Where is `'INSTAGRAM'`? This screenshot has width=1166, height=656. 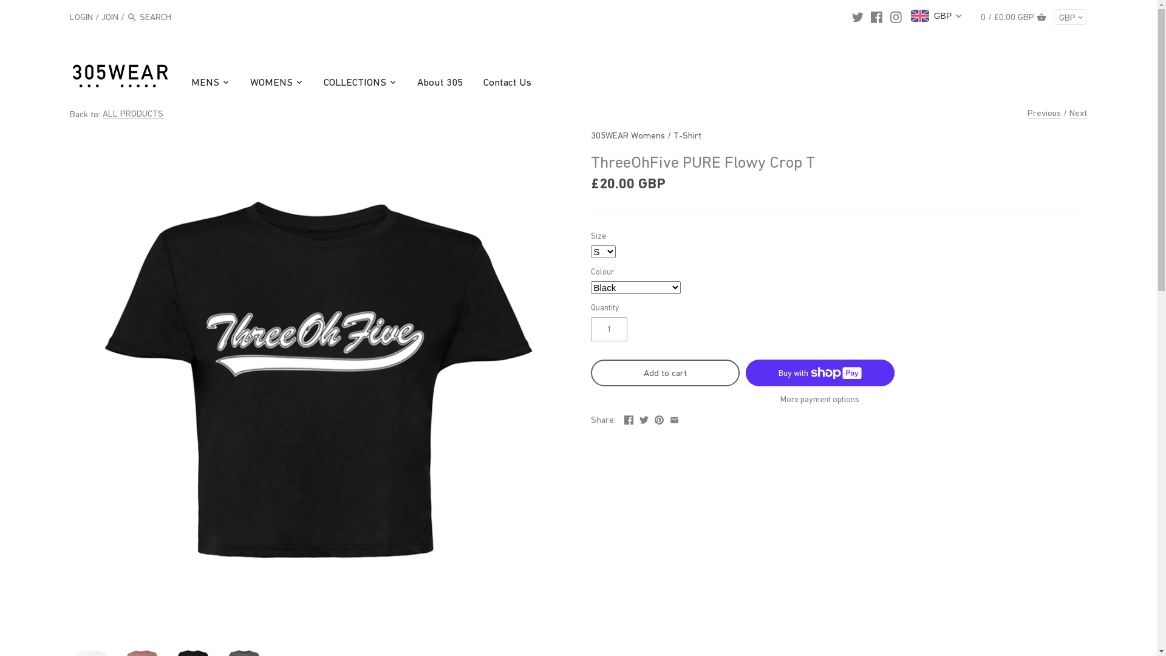
'INSTAGRAM' is located at coordinates (890, 16).